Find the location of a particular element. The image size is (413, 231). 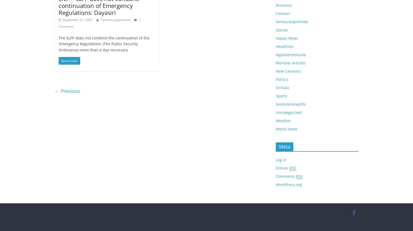

'Weather' is located at coordinates (283, 120).